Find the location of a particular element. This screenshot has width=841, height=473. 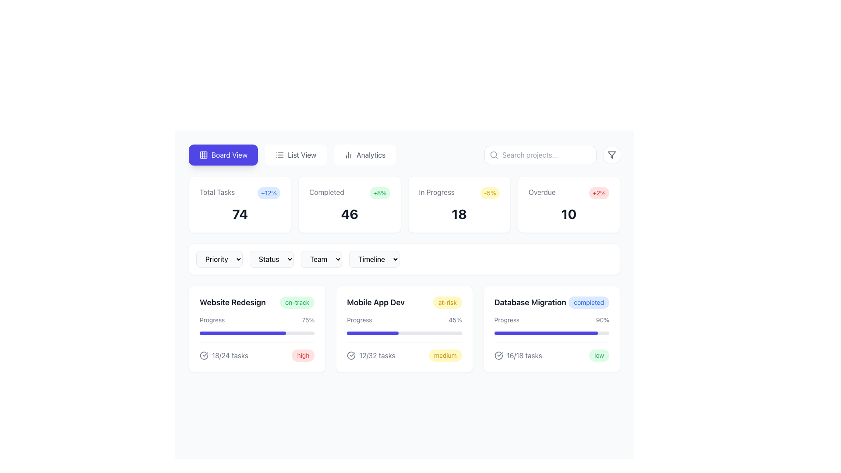

the horizontal progress bar with a gray background and a blue foreground indicating 75% progress, located within the 'Website Redesign' card is located at coordinates (257, 333).